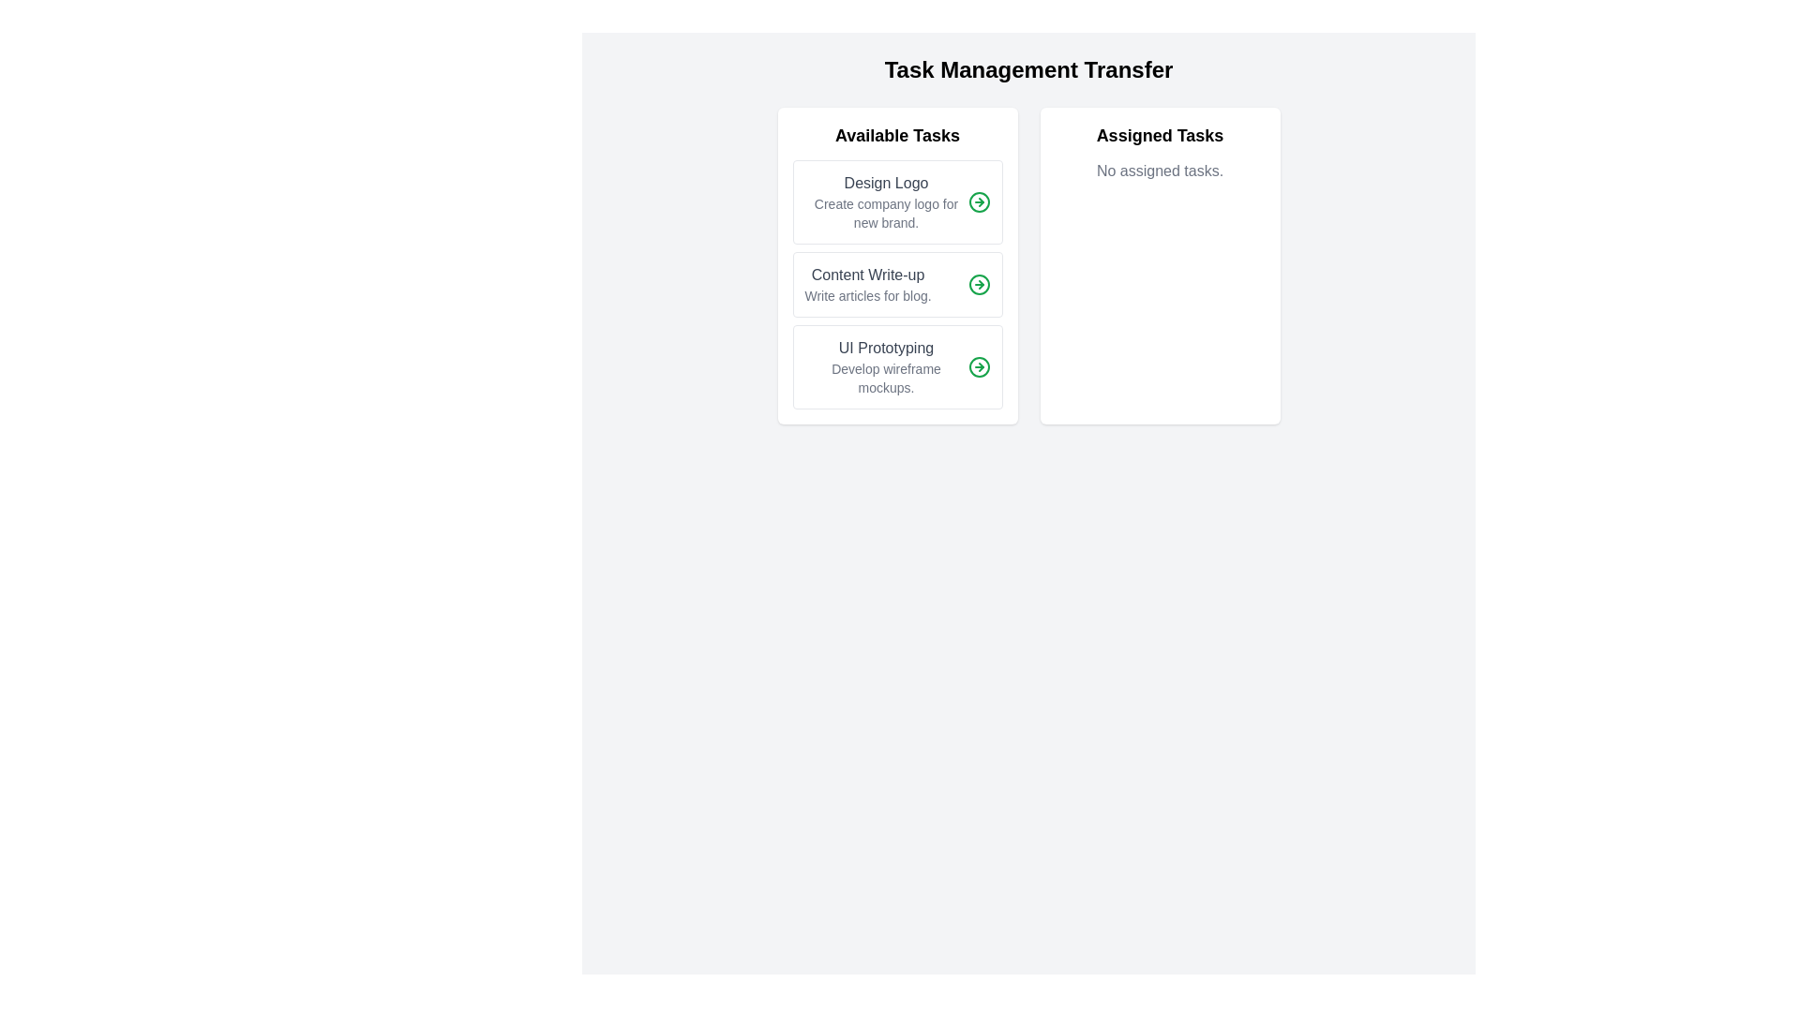  I want to click on the text label that presents the title of a task, located in the 'Available Tasks' section, specifically the third card below 'Content Write-up' and above 'Develop wireframe mockups.', so click(885, 348).